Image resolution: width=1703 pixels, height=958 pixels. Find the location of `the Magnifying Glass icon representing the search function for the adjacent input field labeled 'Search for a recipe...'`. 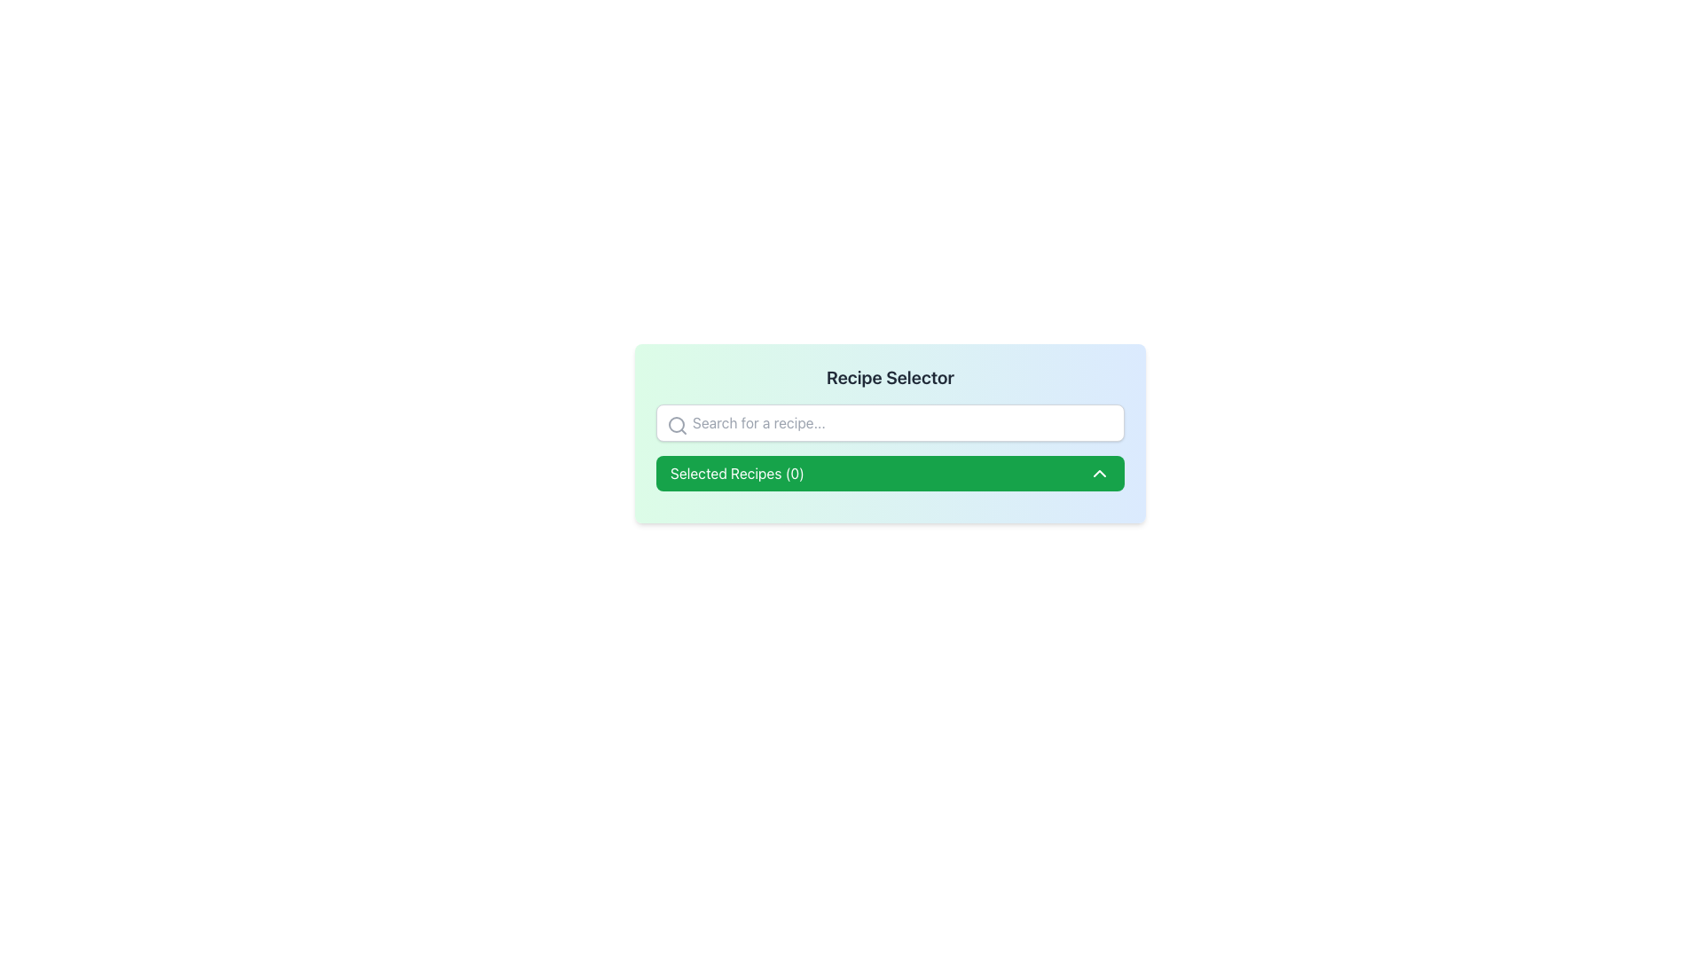

the Magnifying Glass icon representing the search function for the adjacent input field labeled 'Search for a recipe...' is located at coordinates (676, 425).